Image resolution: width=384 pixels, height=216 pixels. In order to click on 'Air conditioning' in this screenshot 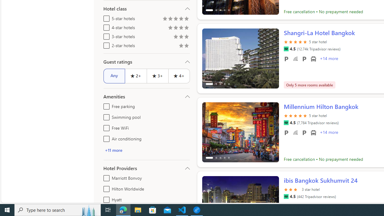, I will do `click(105, 138)`.